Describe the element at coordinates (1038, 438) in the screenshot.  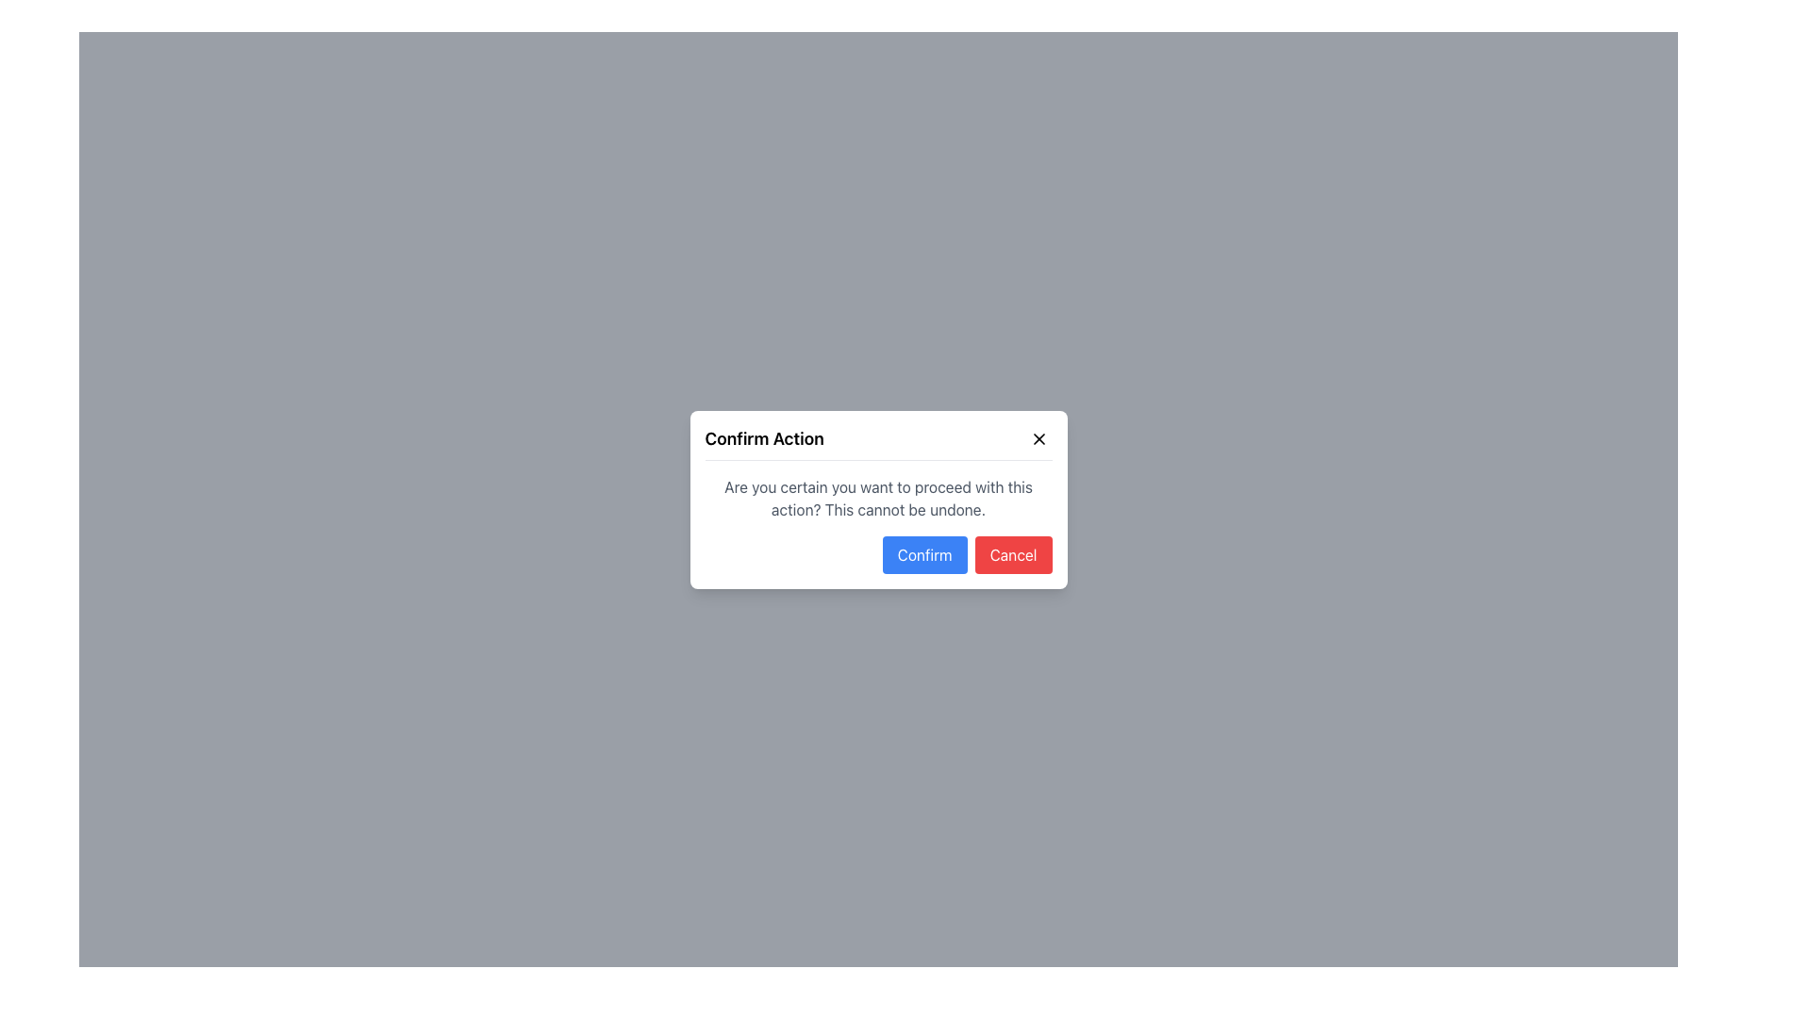
I see `the small circular close button with an 'X' icon located in the top-right corner of the 'Confirm Action' dialog` at that location.